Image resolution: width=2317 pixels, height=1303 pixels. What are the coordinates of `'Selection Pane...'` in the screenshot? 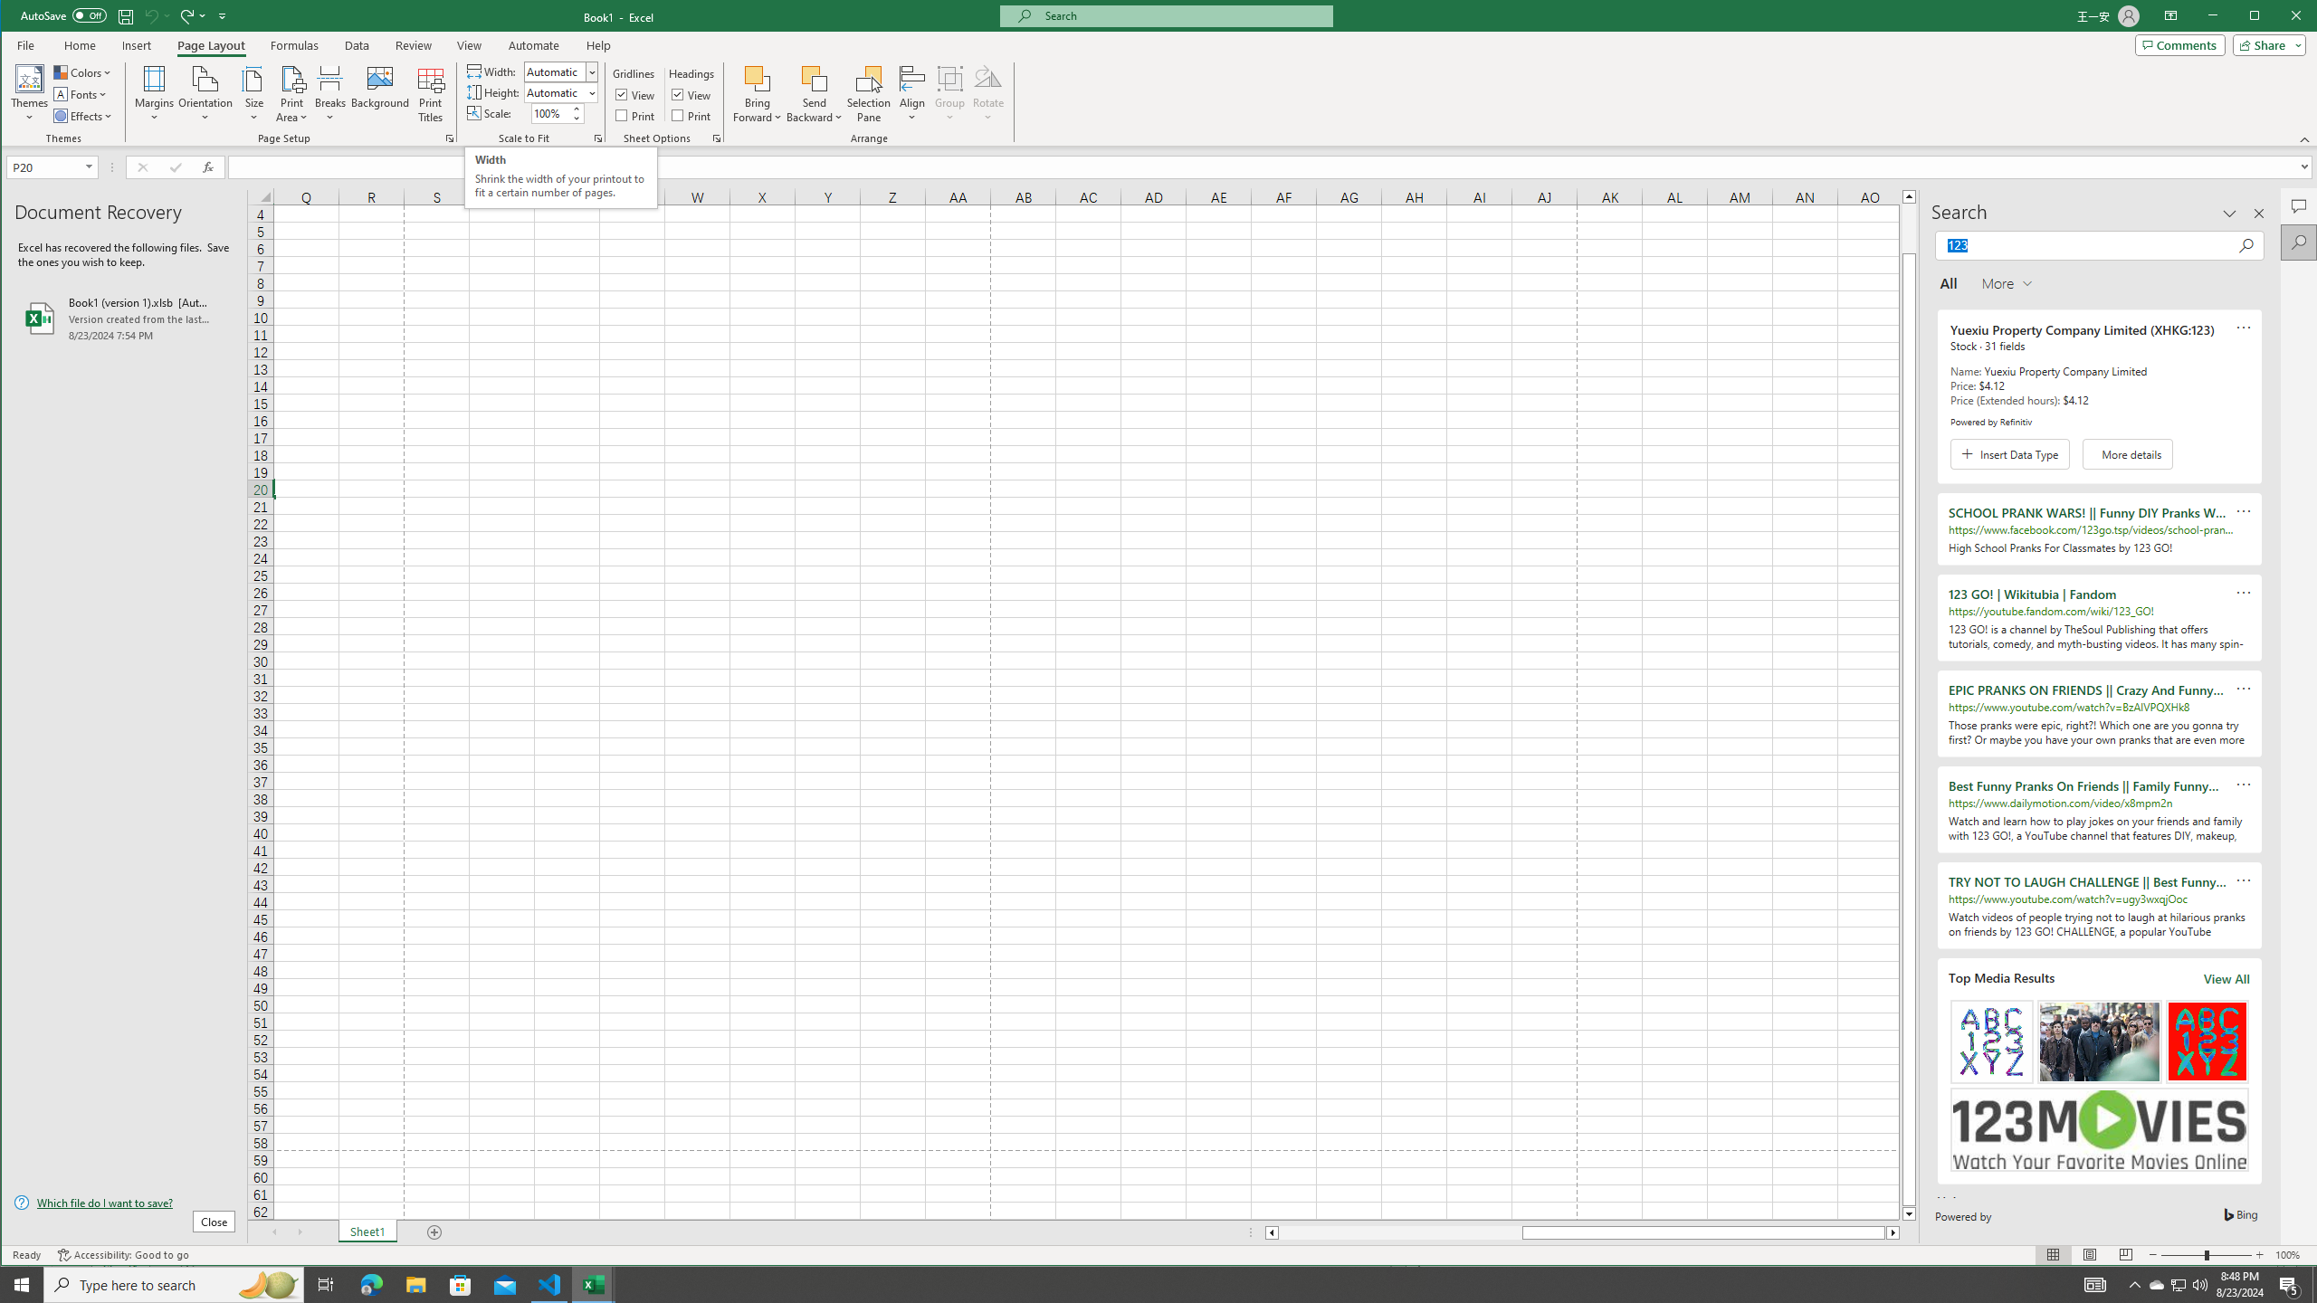 It's located at (870, 93).